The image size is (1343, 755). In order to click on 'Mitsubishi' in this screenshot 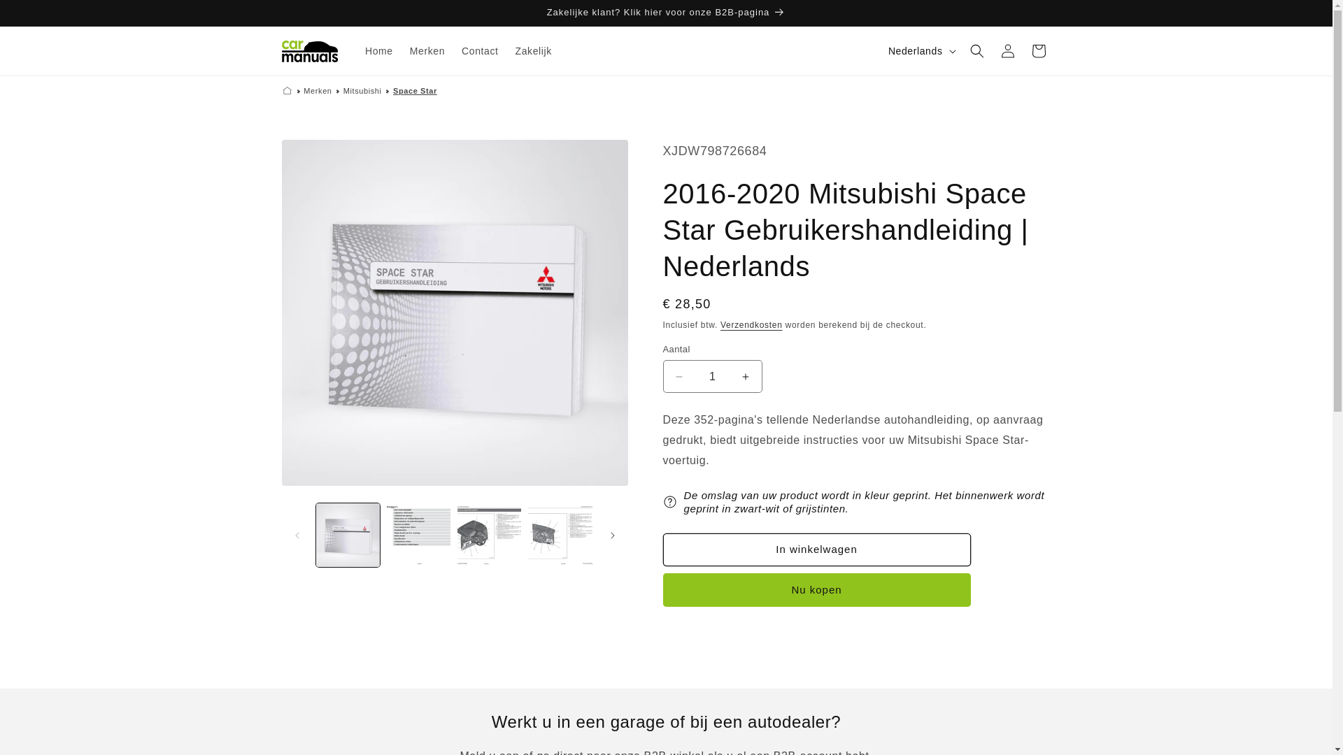, I will do `click(362, 91)`.